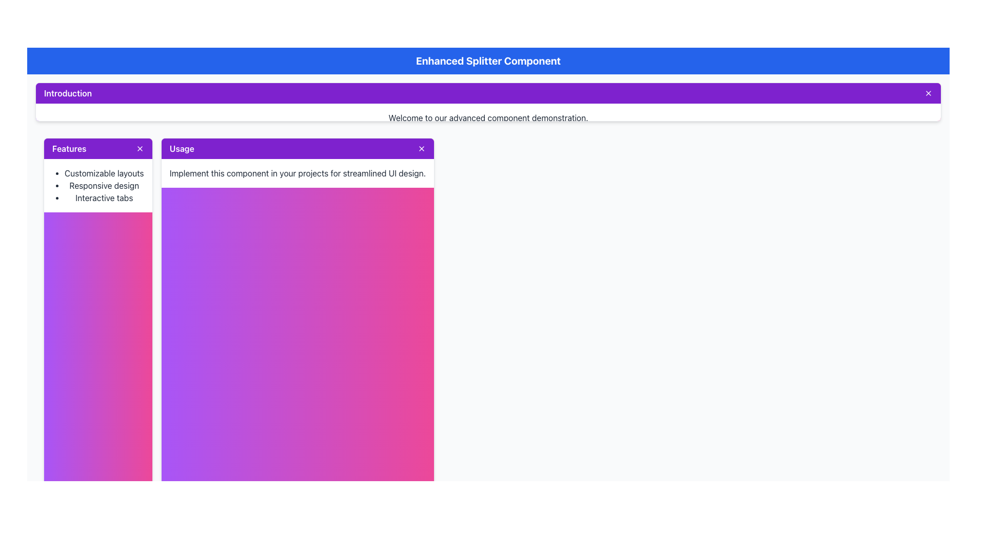 Image resolution: width=985 pixels, height=554 pixels. I want to click on the informative text block located in the 'Usage' section beneath the Usage header, so click(297, 172).